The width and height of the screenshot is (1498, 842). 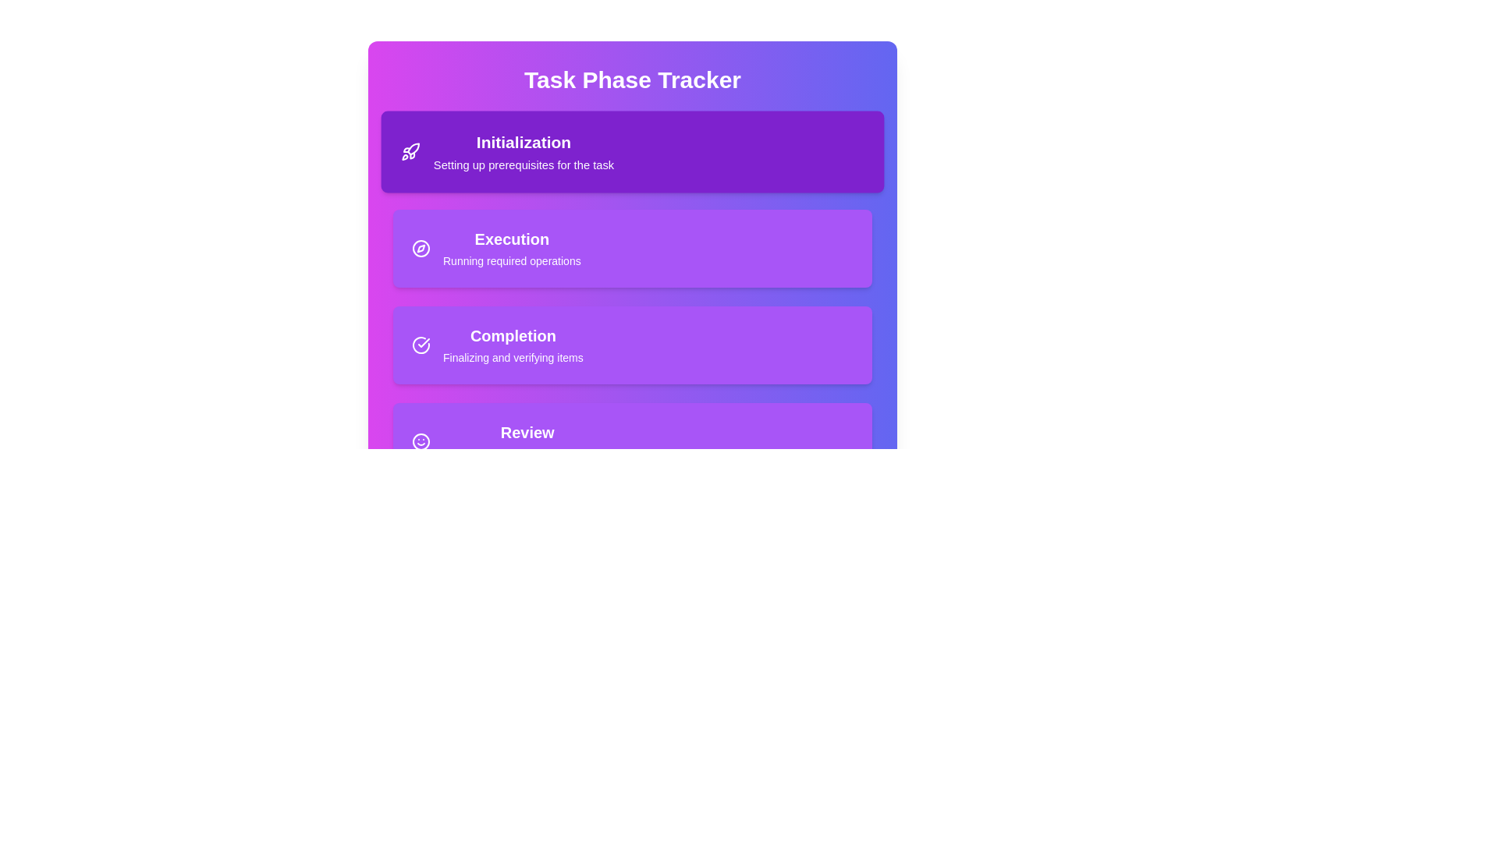 I want to click on the text label that indicates the current phase in the process-oriented interface, which is centrally located in the second section of the vertical list of phase boxes, so click(x=512, y=239).